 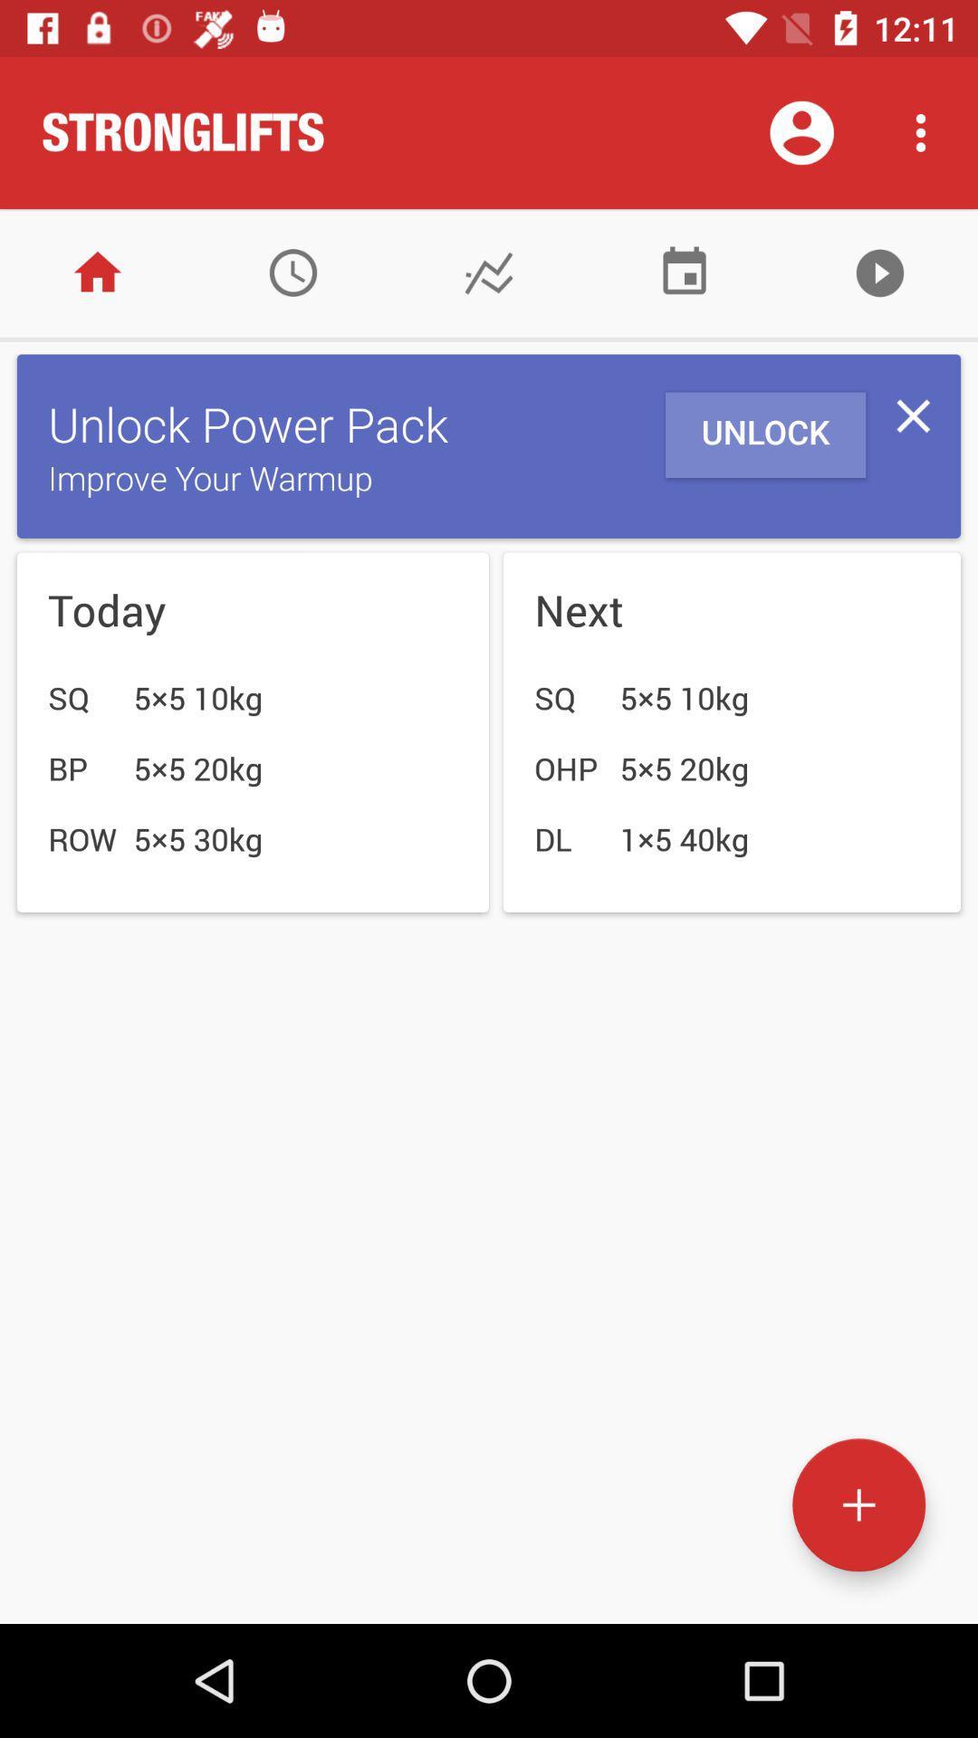 What do you see at coordinates (98, 272) in the screenshot?
I see `home screen` at bounding box center [98, 272].